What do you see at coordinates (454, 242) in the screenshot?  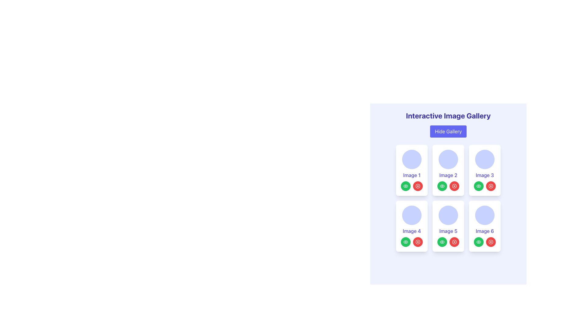 I see `the red circular close button with a white cross symbol located in the bottom row of the grid layout, to the right of the green button` at bounding box center [454, 242].